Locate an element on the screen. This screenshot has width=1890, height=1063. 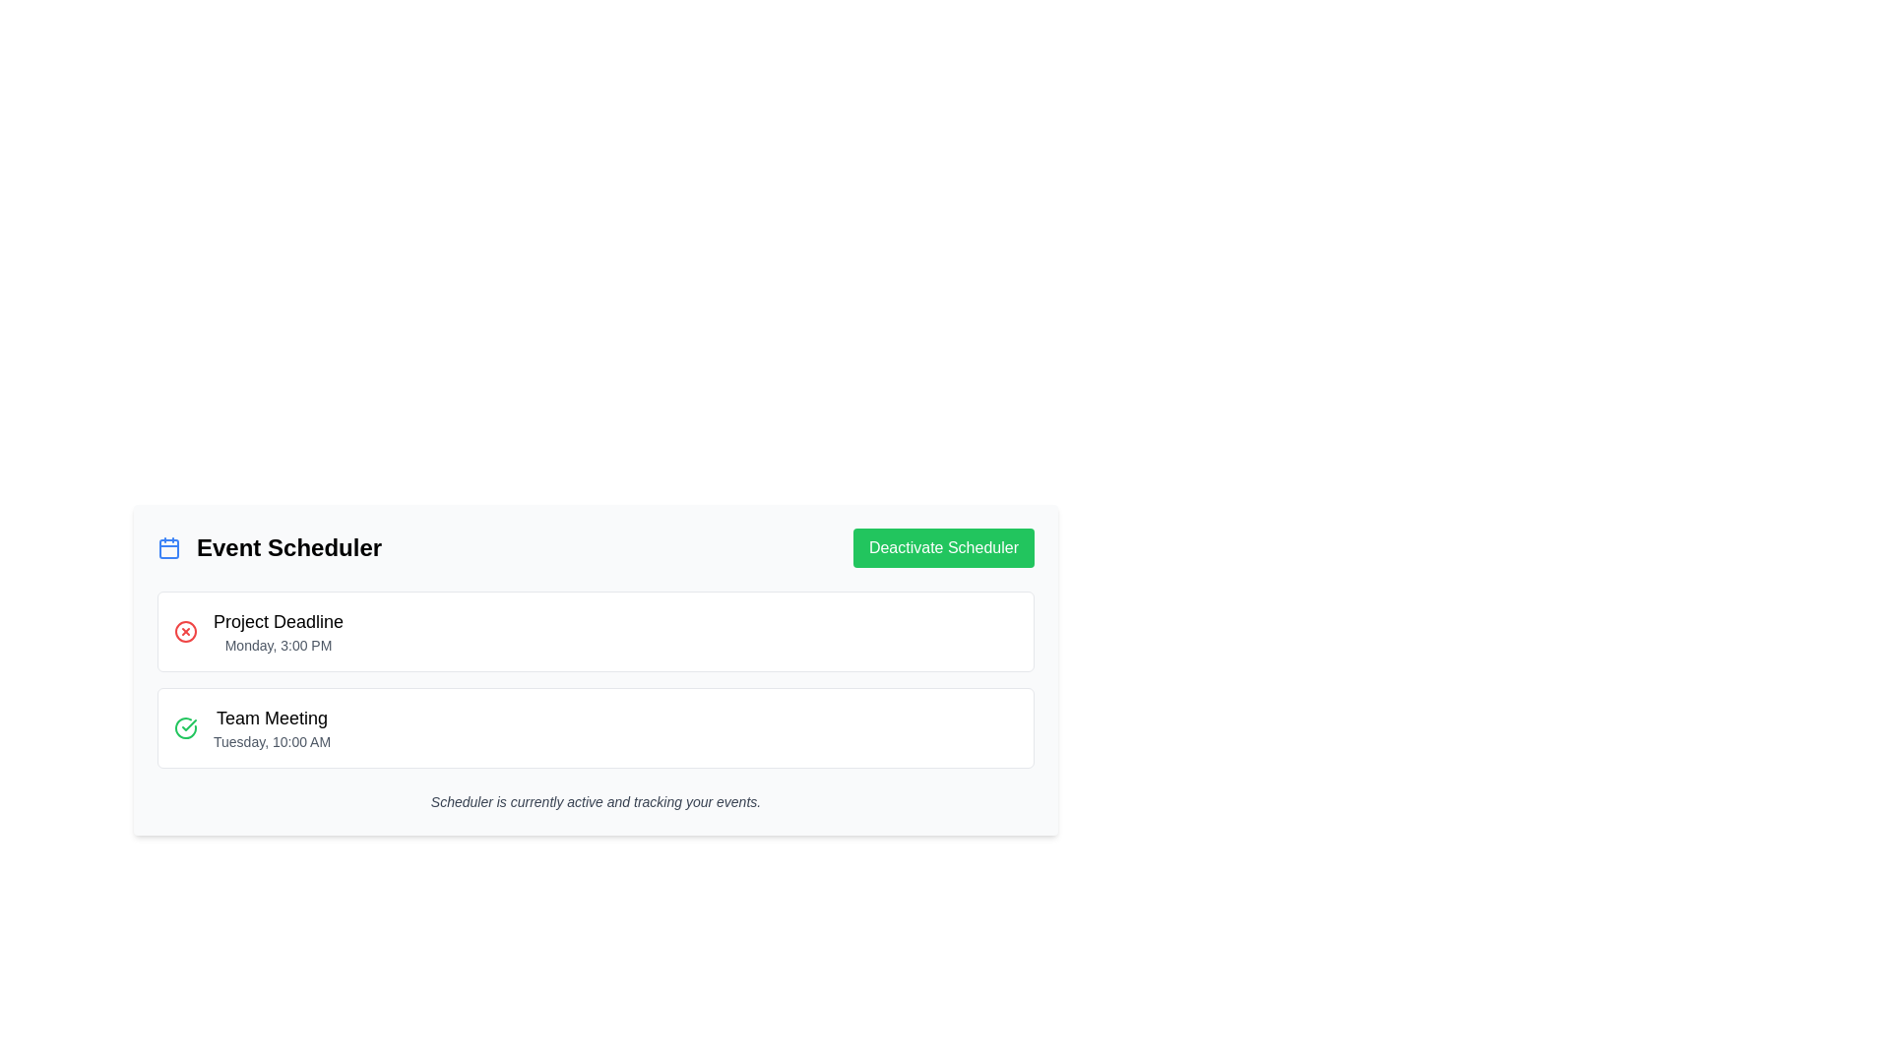
the text display component that shows 'Project Deadline' and 'Monday, 3:00 PM', located in the first card of the event list below 'Event Scheduler' is located at coordinates (278, 631).